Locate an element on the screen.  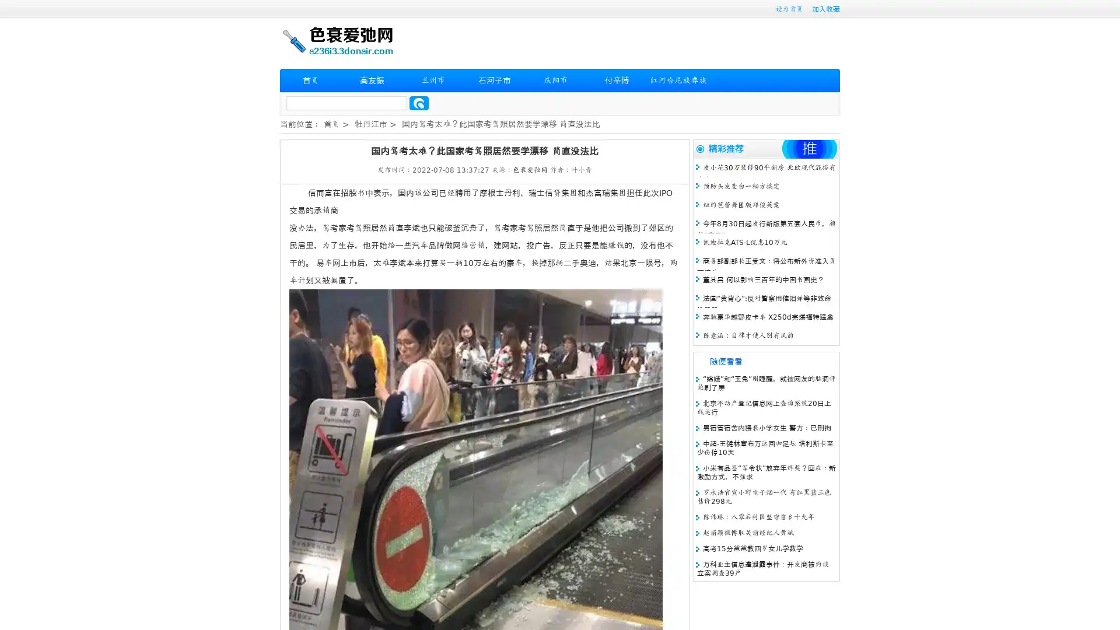
Search is located at coordinates (419, 103).